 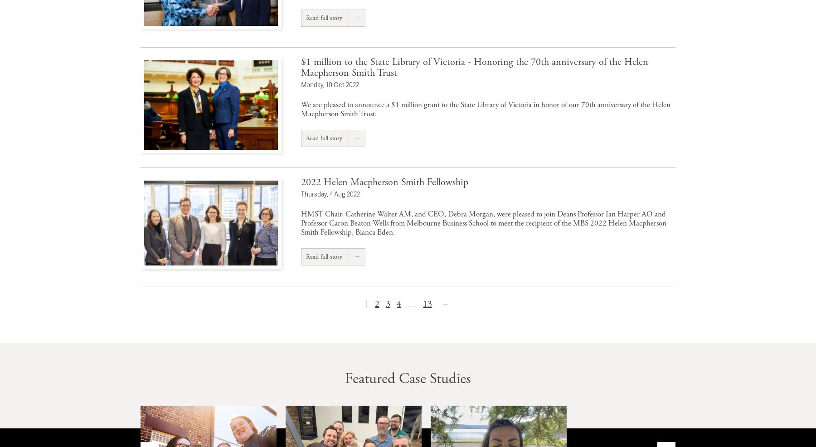 I want to click on 'Thursday, 4 Aug 2022', so click(x=330, y=193).